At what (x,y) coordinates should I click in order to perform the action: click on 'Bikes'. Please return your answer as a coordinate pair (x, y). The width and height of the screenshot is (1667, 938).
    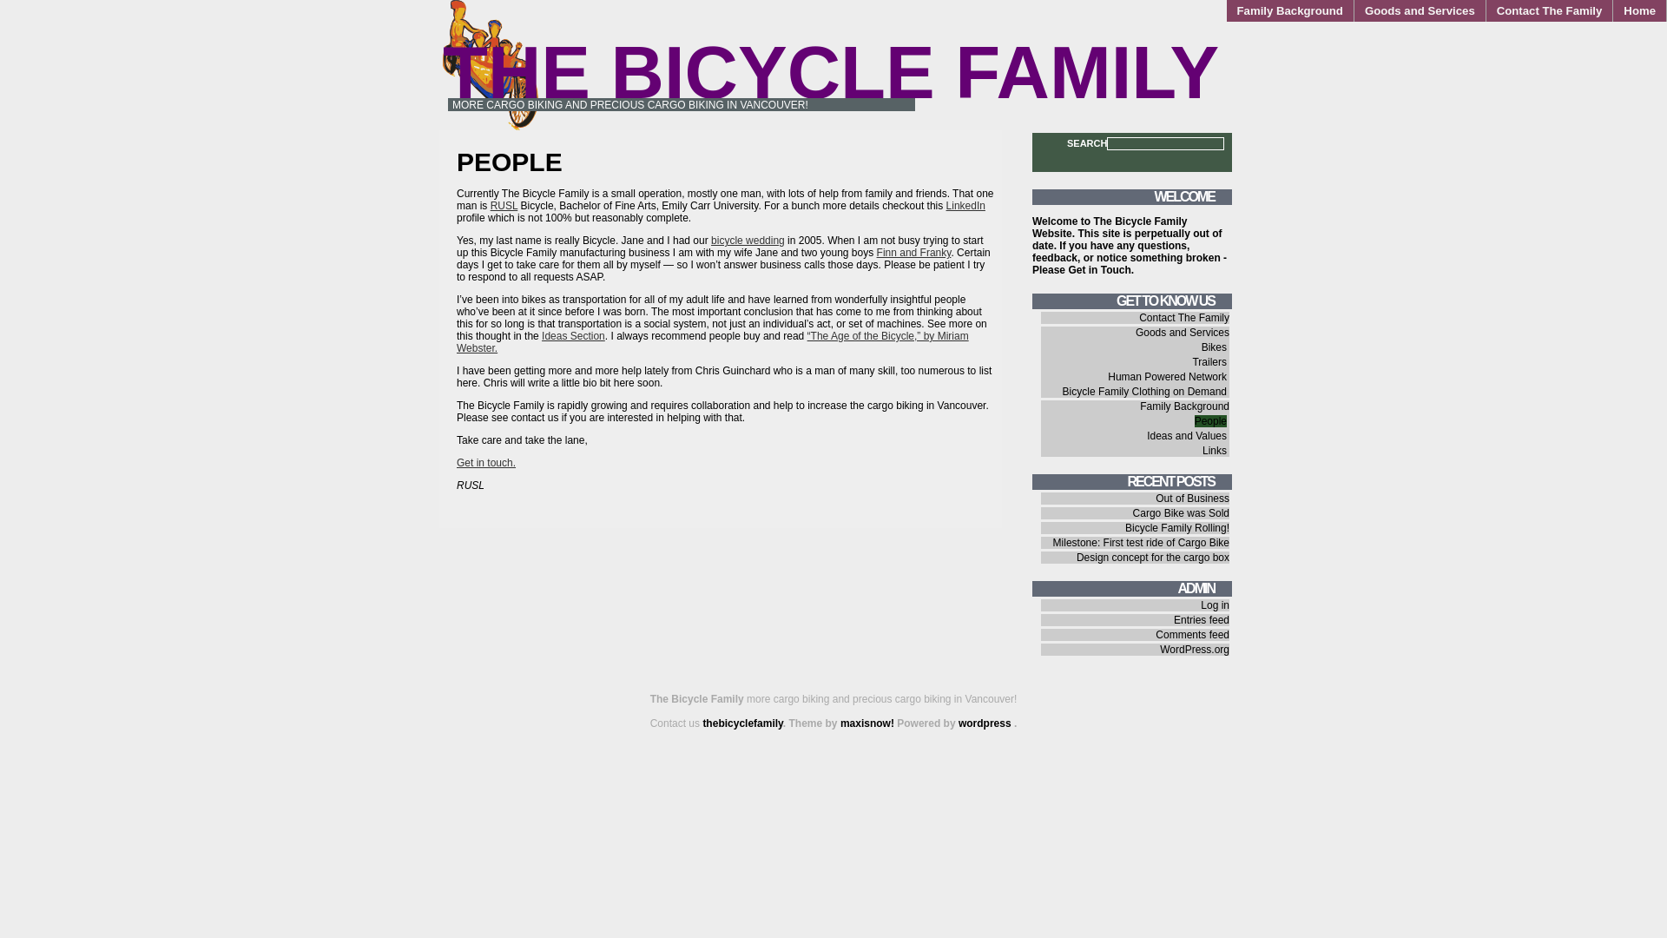
    Looking at the image, I should click on (1213, 347).